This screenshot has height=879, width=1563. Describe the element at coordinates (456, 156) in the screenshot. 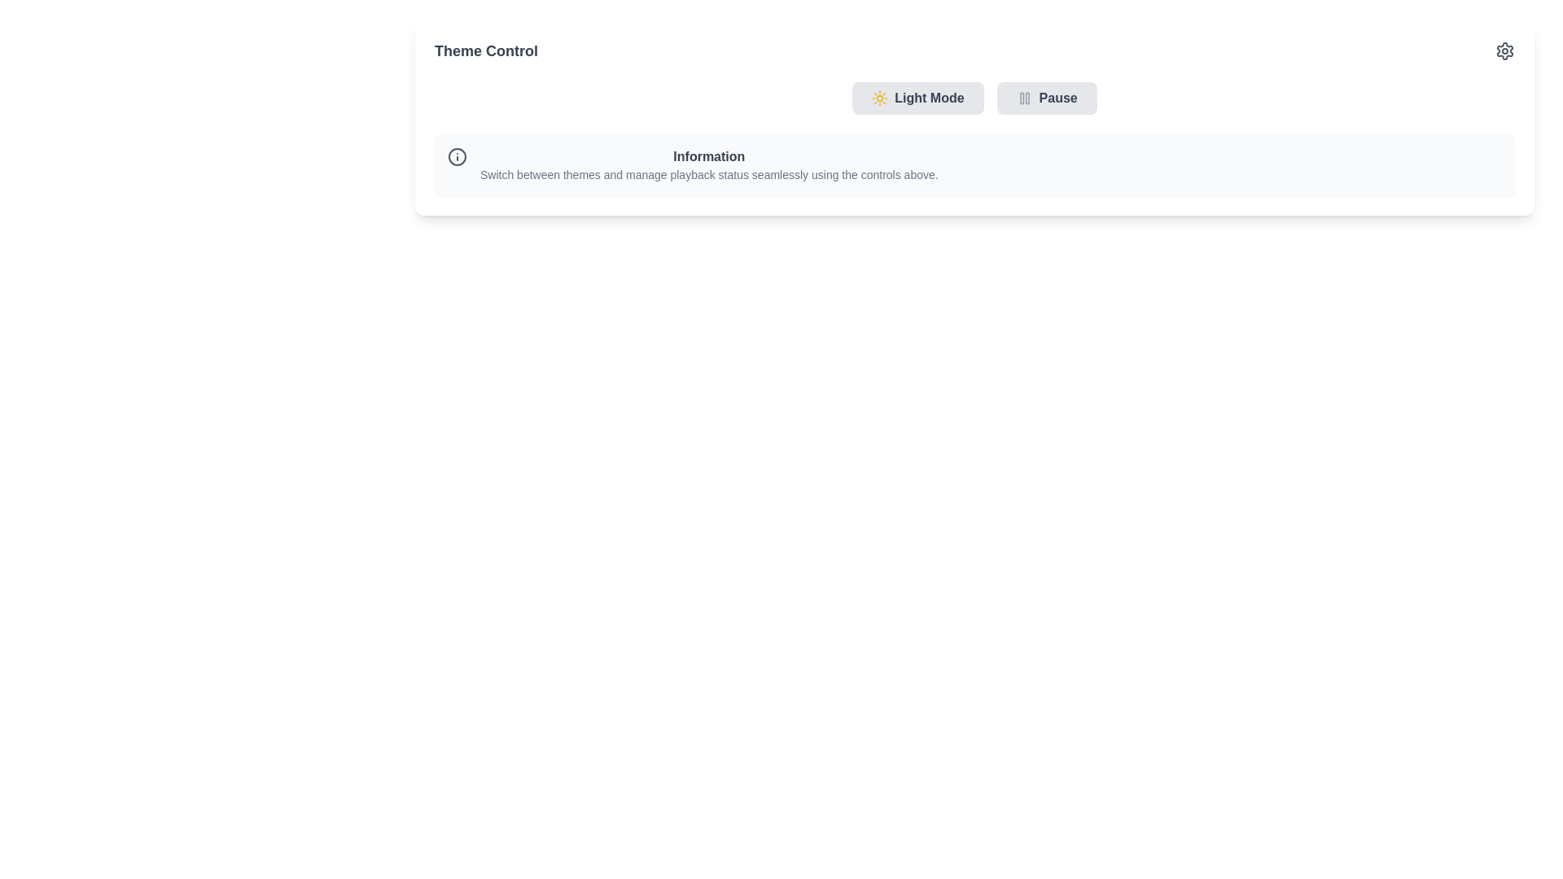

I see `the circular SVG element with a radius of 10, which is part of the information icon located next to the 'Theme Control' header` at that location.